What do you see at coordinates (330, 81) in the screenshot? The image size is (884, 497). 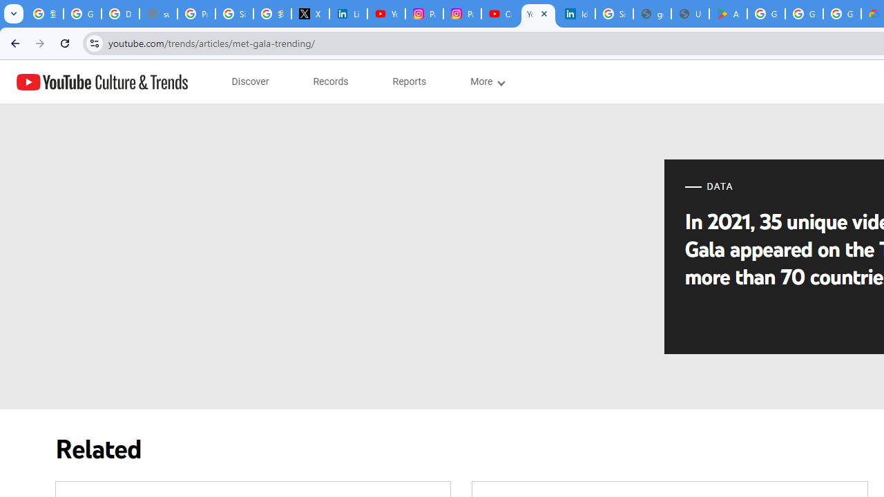 I see `'subnav-Records menupopup'` at bounding box center [330, 81].